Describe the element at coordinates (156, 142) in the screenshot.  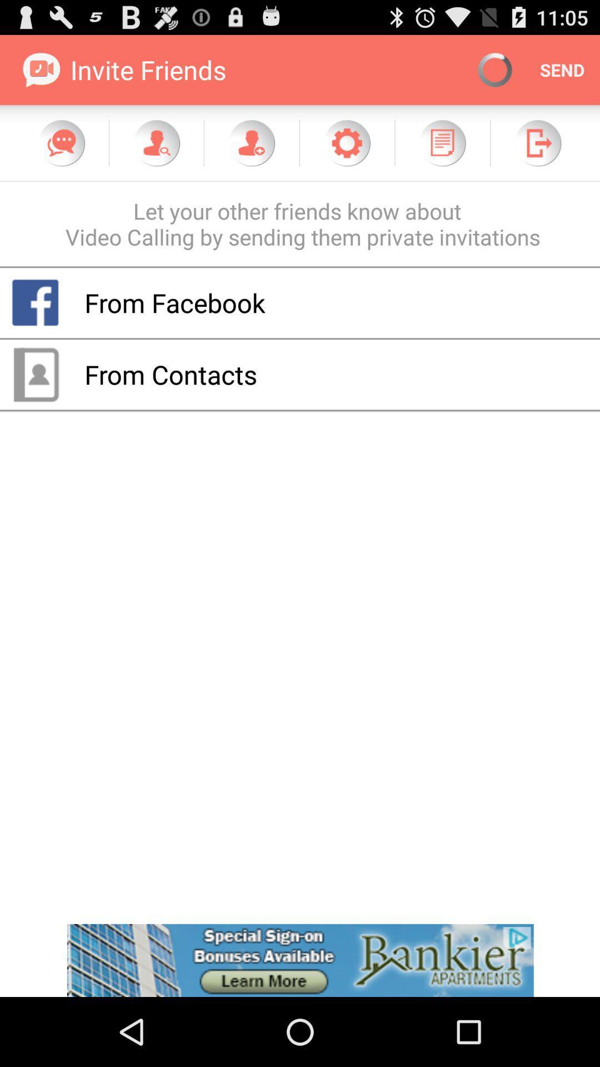
I see `search the friends` at that location.